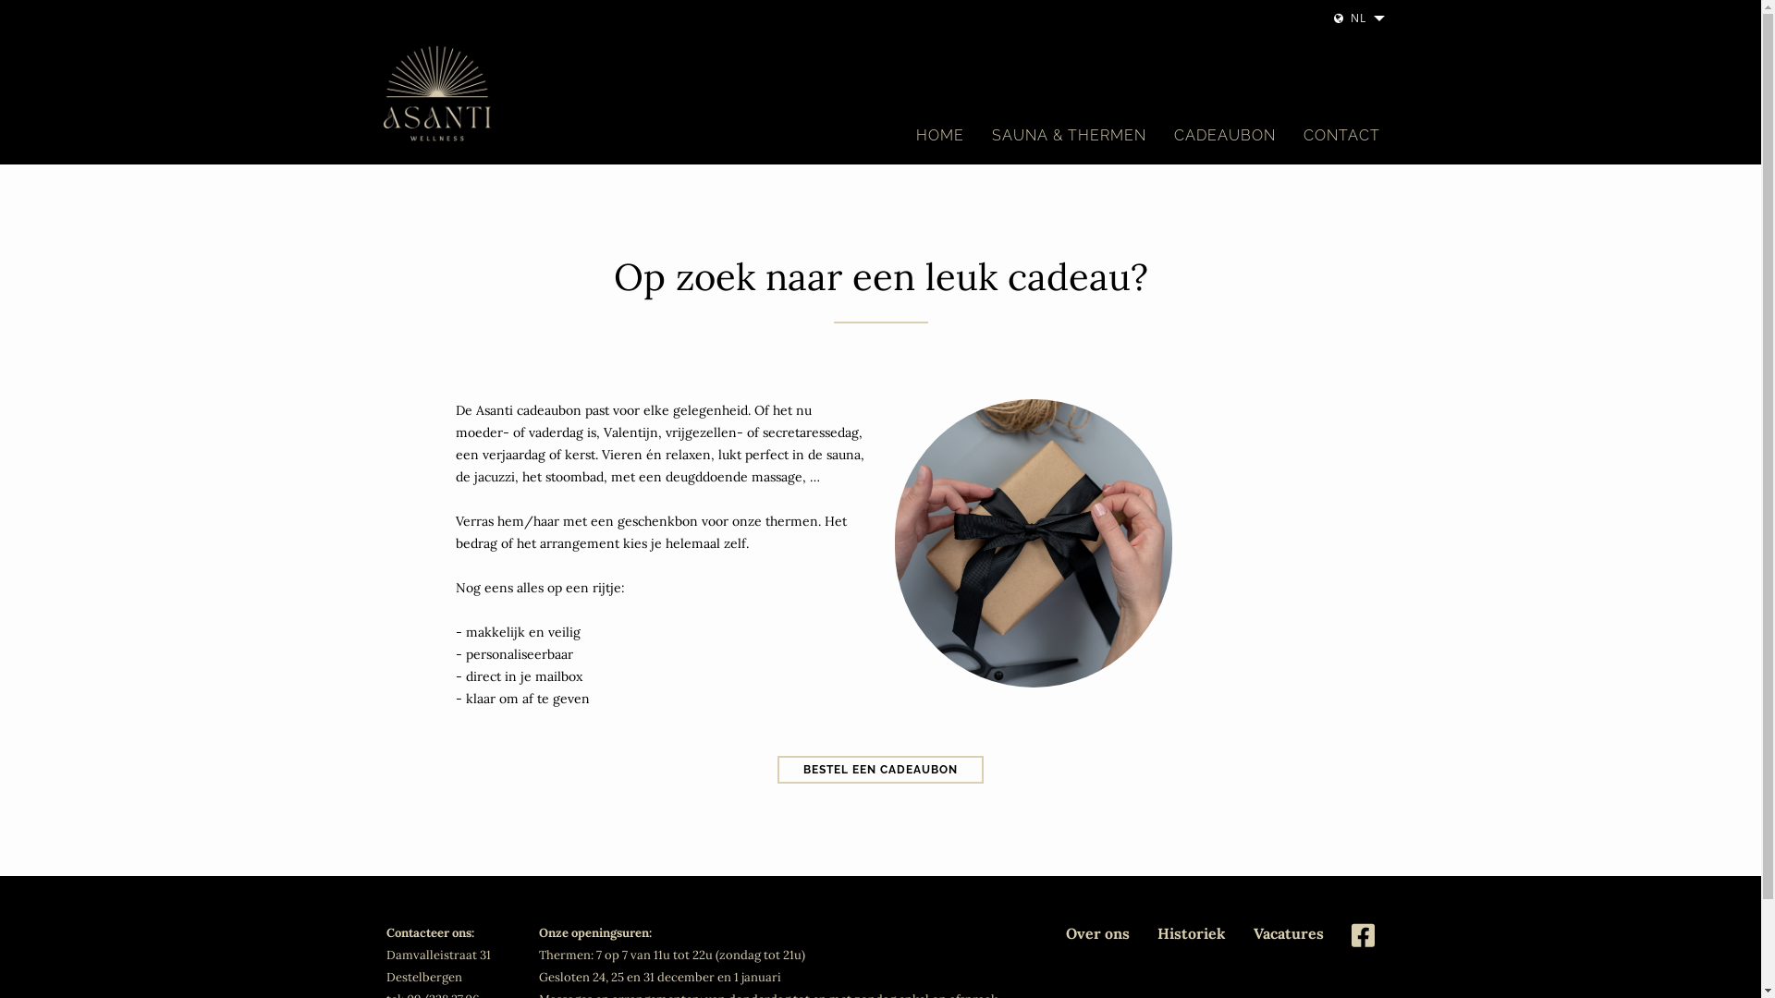  What do you see at coordinates (1340, 134) in the screenshot?
I see `'CONTACT'` at bounding box center [1340, 134].